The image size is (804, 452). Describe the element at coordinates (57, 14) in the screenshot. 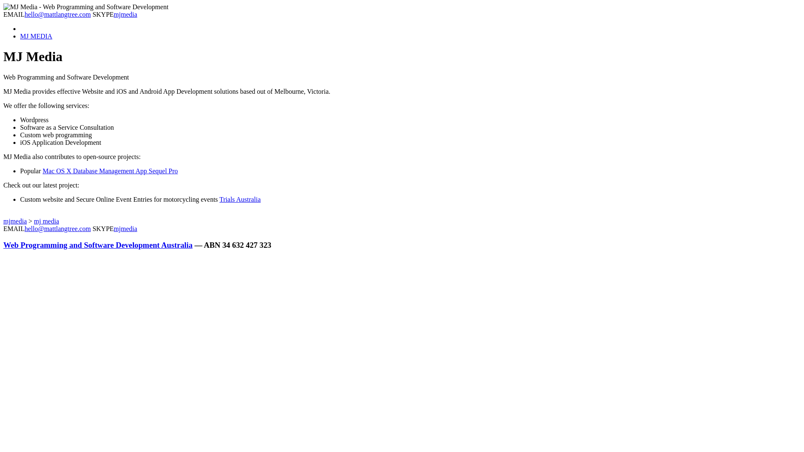

I see `'hello@mattlangtree.com'` at that location.